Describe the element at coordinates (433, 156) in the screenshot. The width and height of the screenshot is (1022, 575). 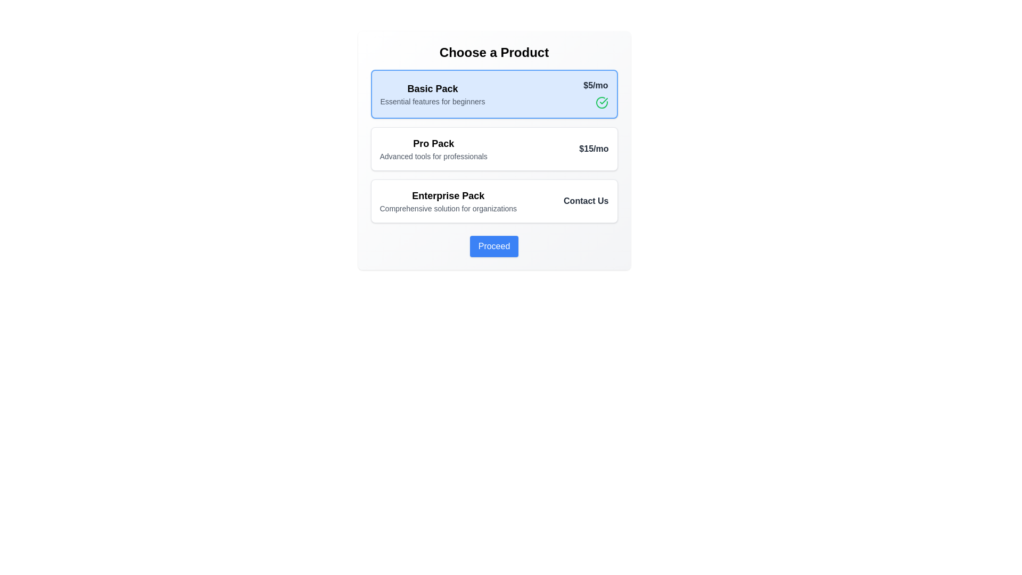
I see `the text label displaying 'Advanced tools for professionals' located beneath the 'Pro Pack' label in the second product option box` at that location.